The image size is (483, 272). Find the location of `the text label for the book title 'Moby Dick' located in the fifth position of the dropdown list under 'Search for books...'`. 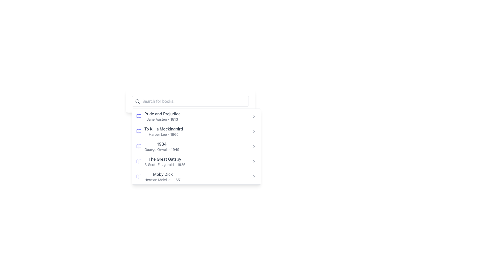

the text label for the book title 'Moby Dick' located in the fifth position of the dropdown list under 'Search for books...' is located at coordinates (163, 174).